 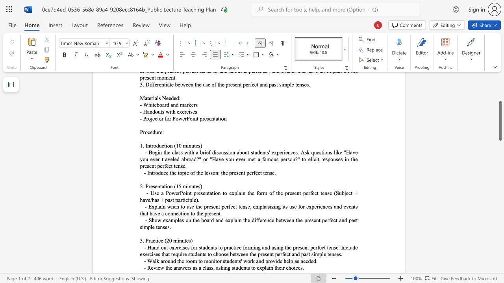 I want to click on the 5th character "r" in the text, so click(x=309, y=193).